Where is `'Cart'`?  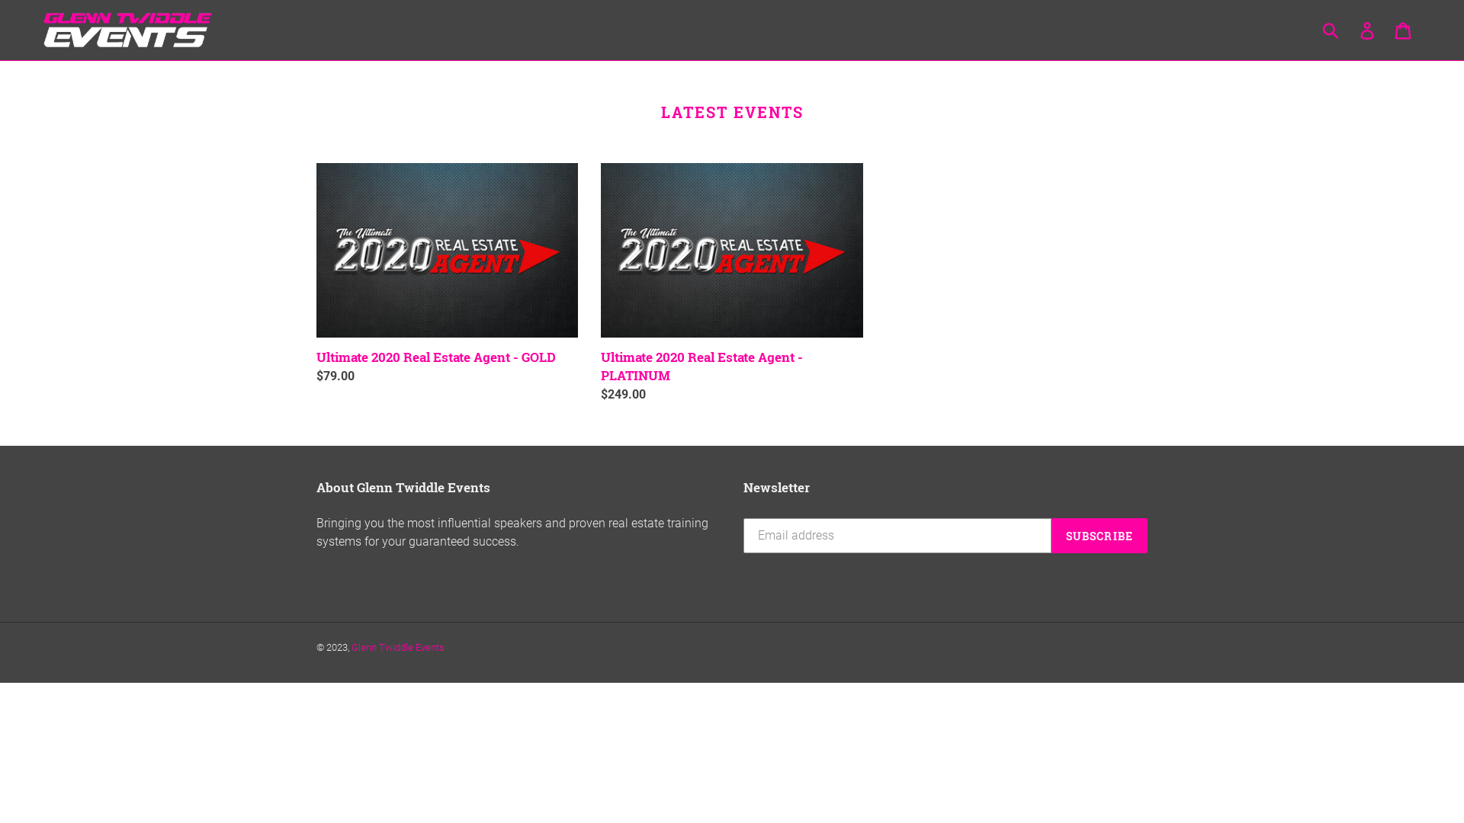 'Cart' is located at coordinates (1403, 29).